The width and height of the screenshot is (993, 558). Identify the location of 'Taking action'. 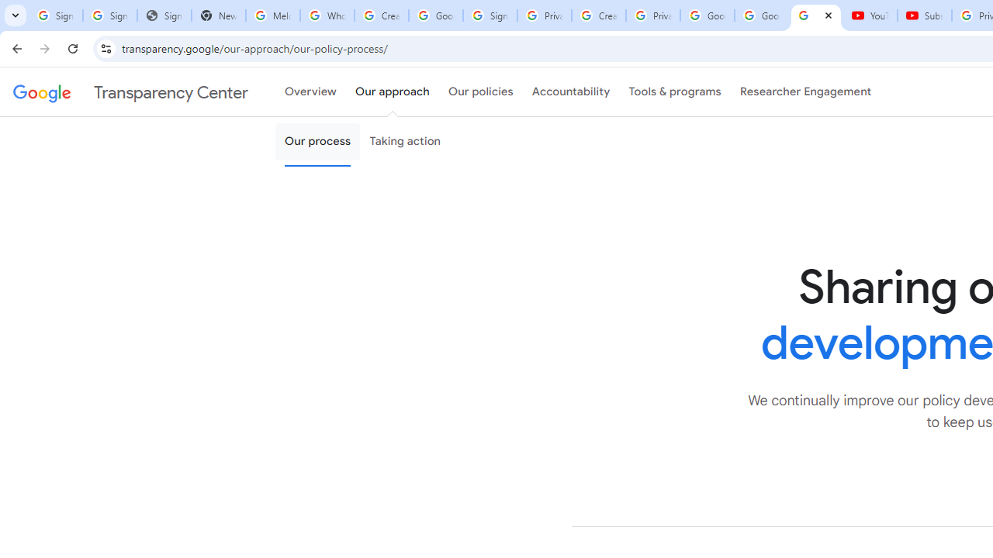
(405, 142).